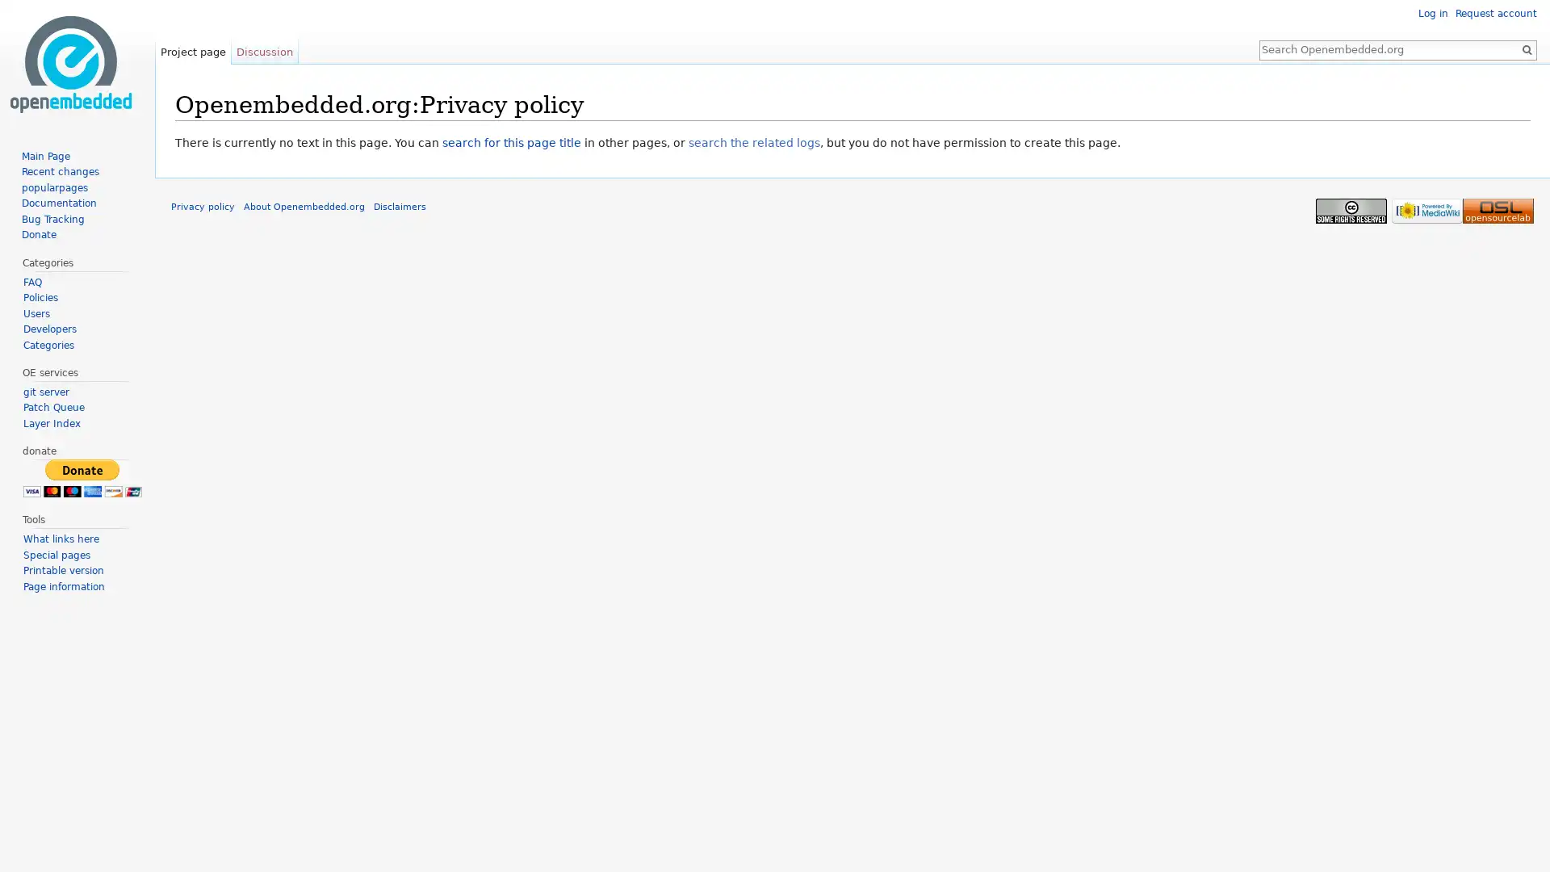 This screenshot has height=872, width=1550. What do you see at coordinates (1526, 48) in the screenshot?
I see `Go` at bounding box center [1526, 48].